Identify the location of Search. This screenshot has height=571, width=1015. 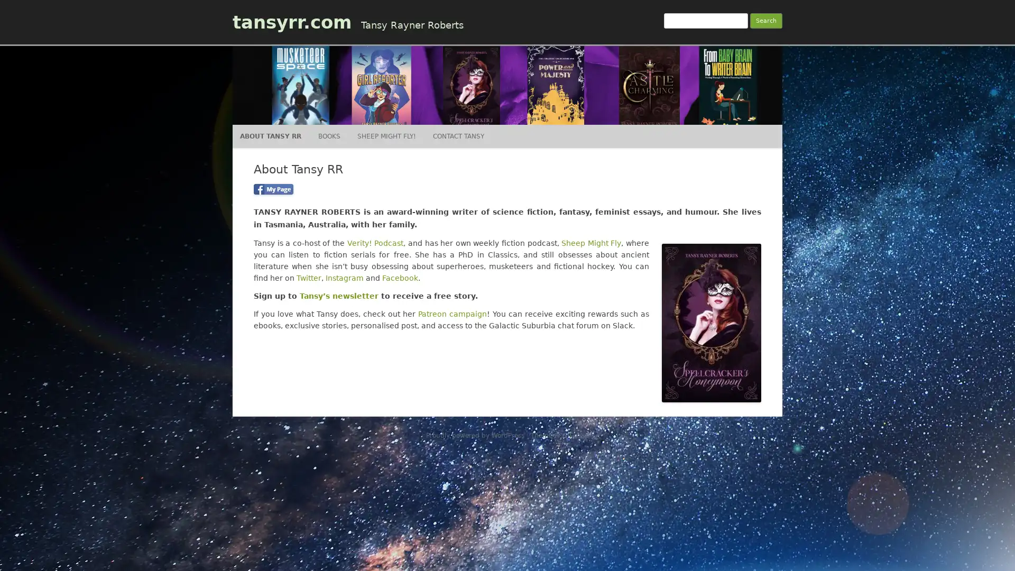
(766, 21).